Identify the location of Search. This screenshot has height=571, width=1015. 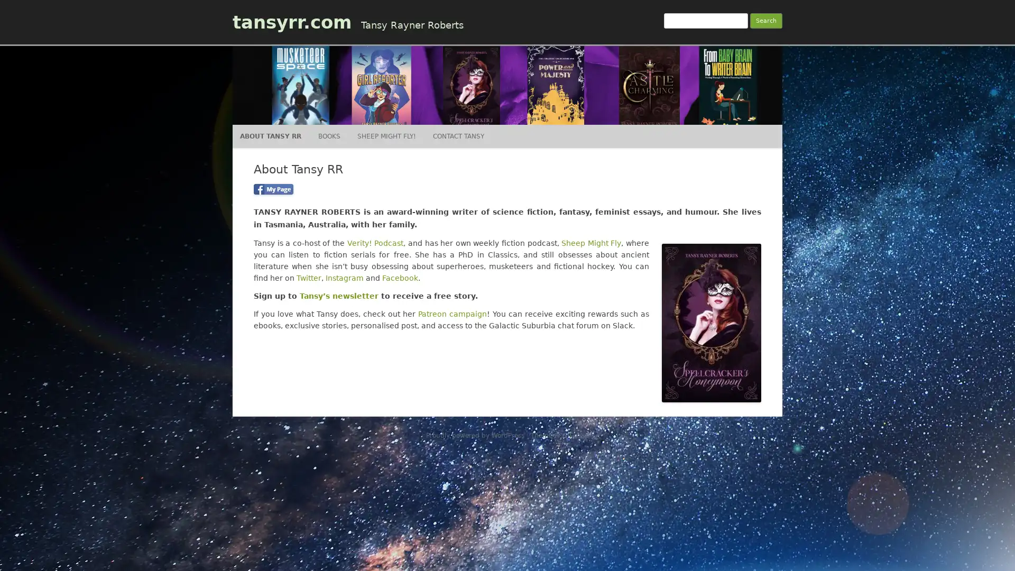
(766, 21).